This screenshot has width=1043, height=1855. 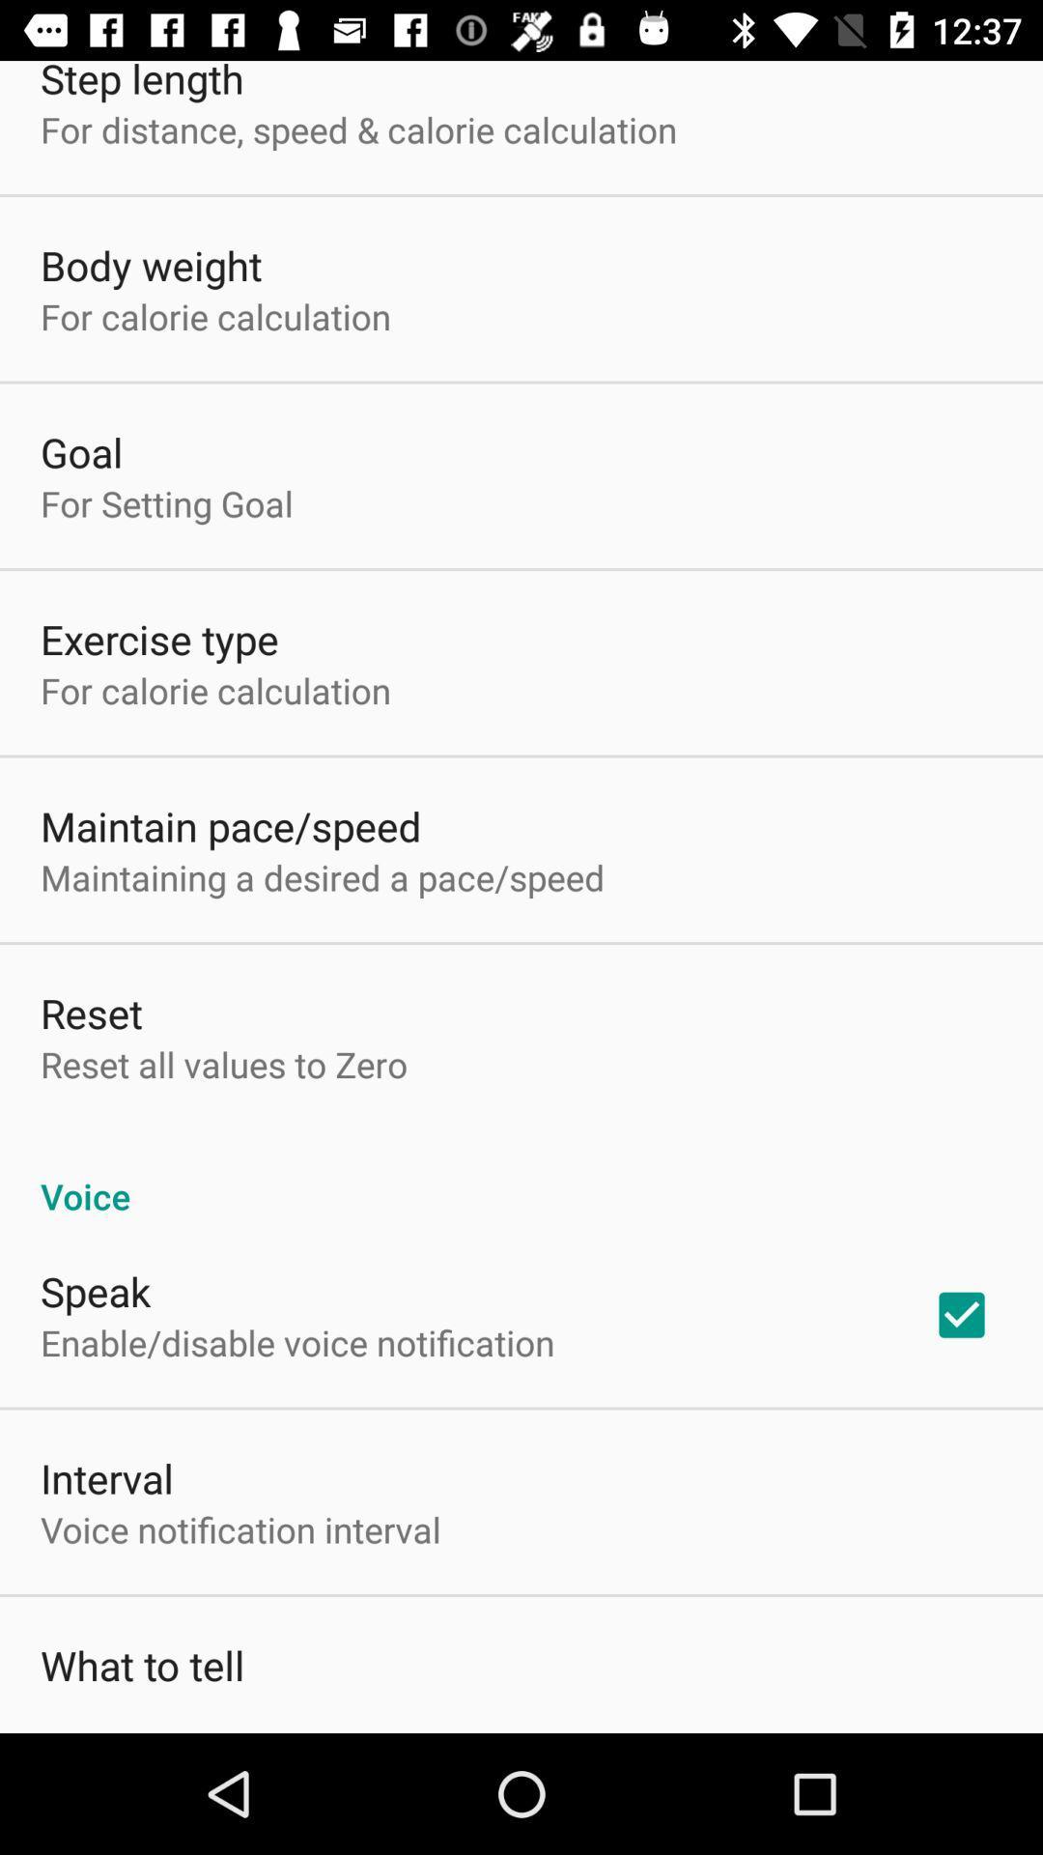 What do you see at coordinates (96, 1291) in the screenshot?
I see `icon below the voice icon` at bounding box center [96, 1291].